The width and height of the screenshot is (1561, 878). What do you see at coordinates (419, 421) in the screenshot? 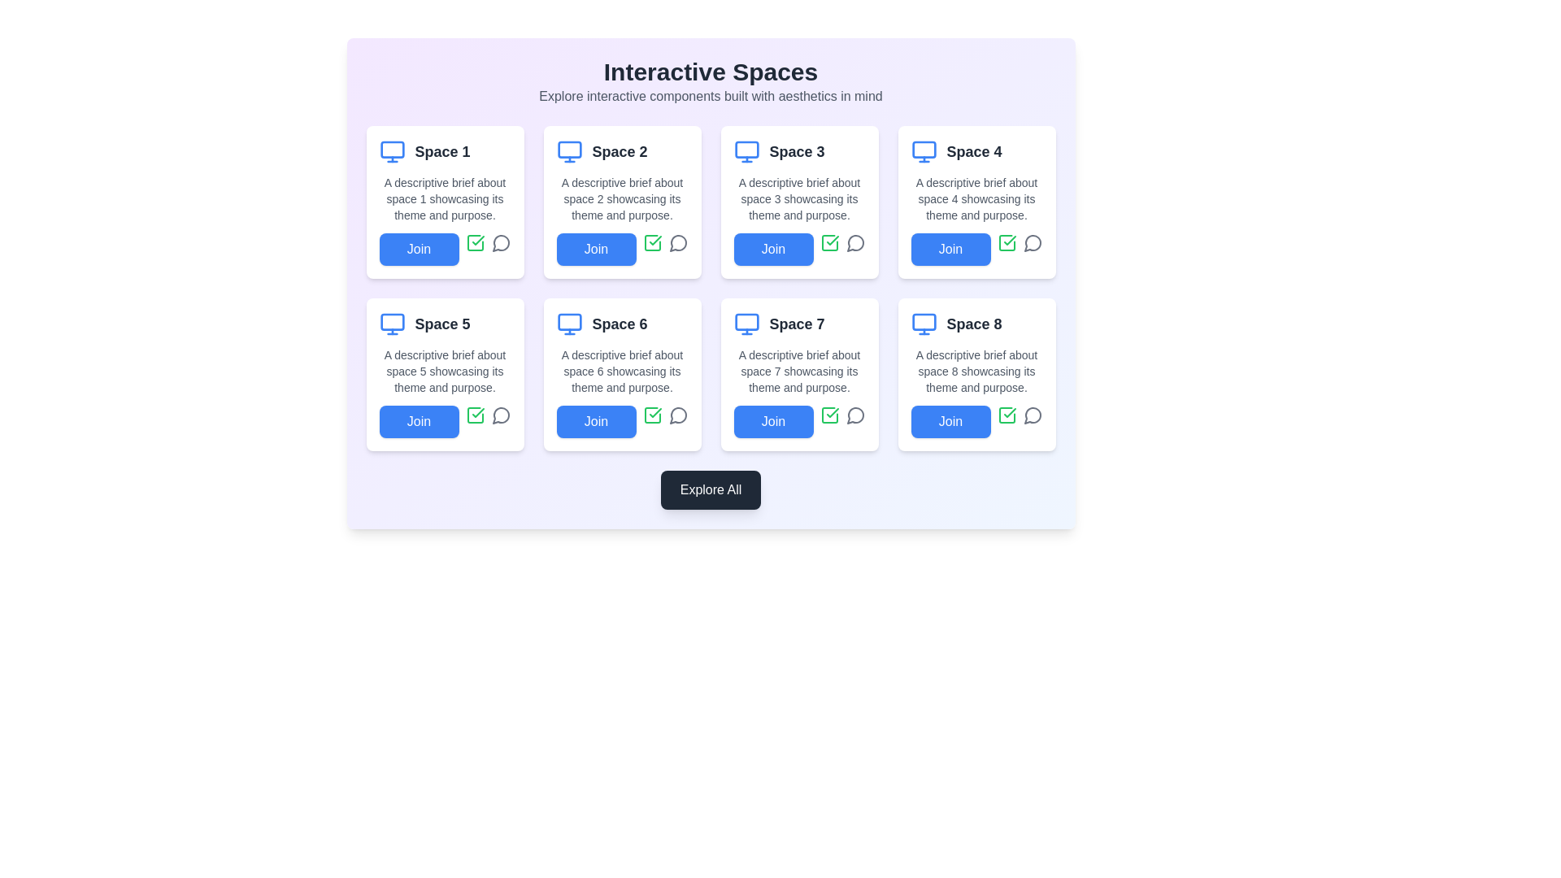
I see `the button to join or participate in 'Space 5', located in the second row and first column of the grid layout` at bounding box center [419, 421].